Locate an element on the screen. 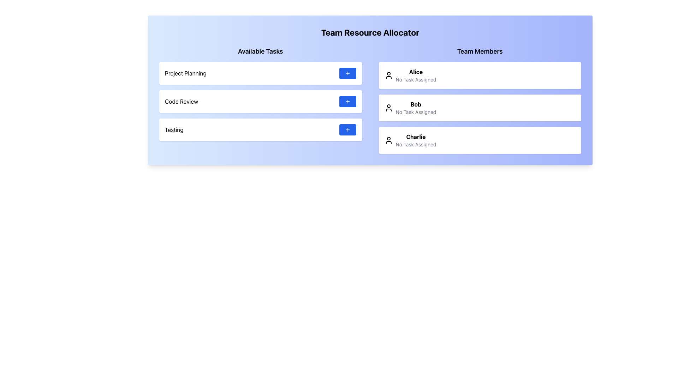 The width and height of the screenshot is (678, 381). the static text element that indicates no tasks have been assigned to Charlie, located in the third box under the 'Team Members' section, directly below the bold text 'Charlie.' is located at coordinates (416, 144).